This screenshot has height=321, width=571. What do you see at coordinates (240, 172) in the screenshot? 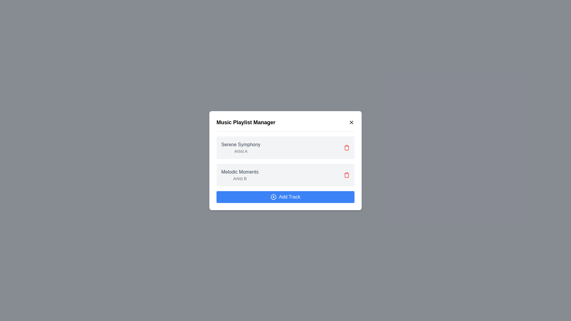
I see `the text label 'Melodic Moments', which is a prominent title styled with medium-weight font and medium gray color, located centrally aligned below 'Serene Symphony' and above the 'Add Track' button` at bounding box center [240, 172].